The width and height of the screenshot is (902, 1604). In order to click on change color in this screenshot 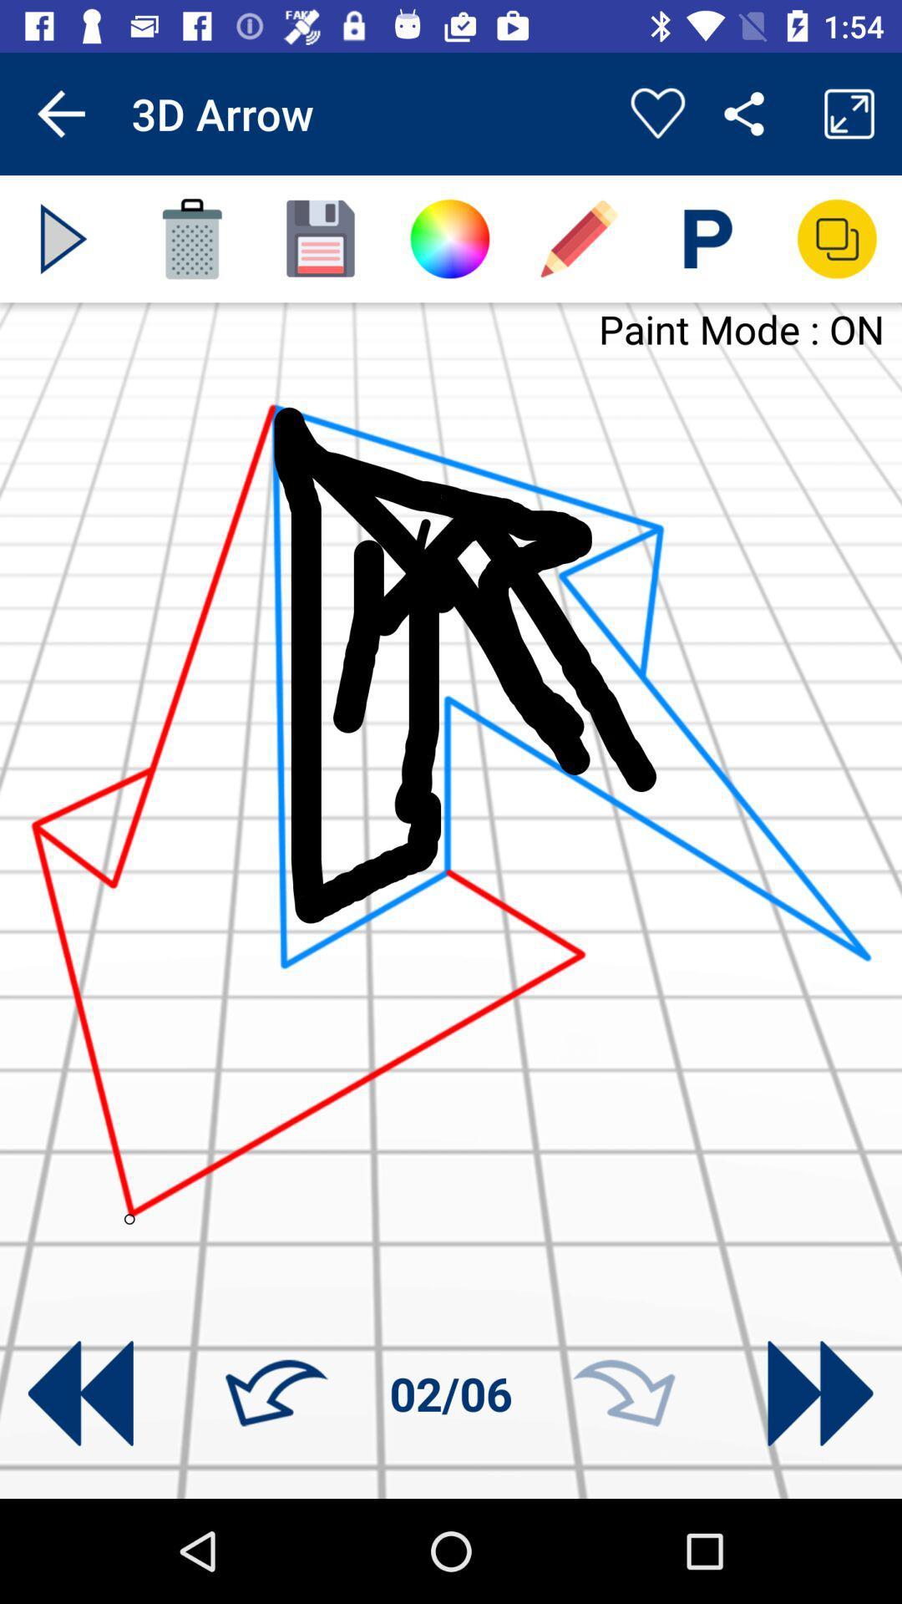, I will do `click(448, 238)`.